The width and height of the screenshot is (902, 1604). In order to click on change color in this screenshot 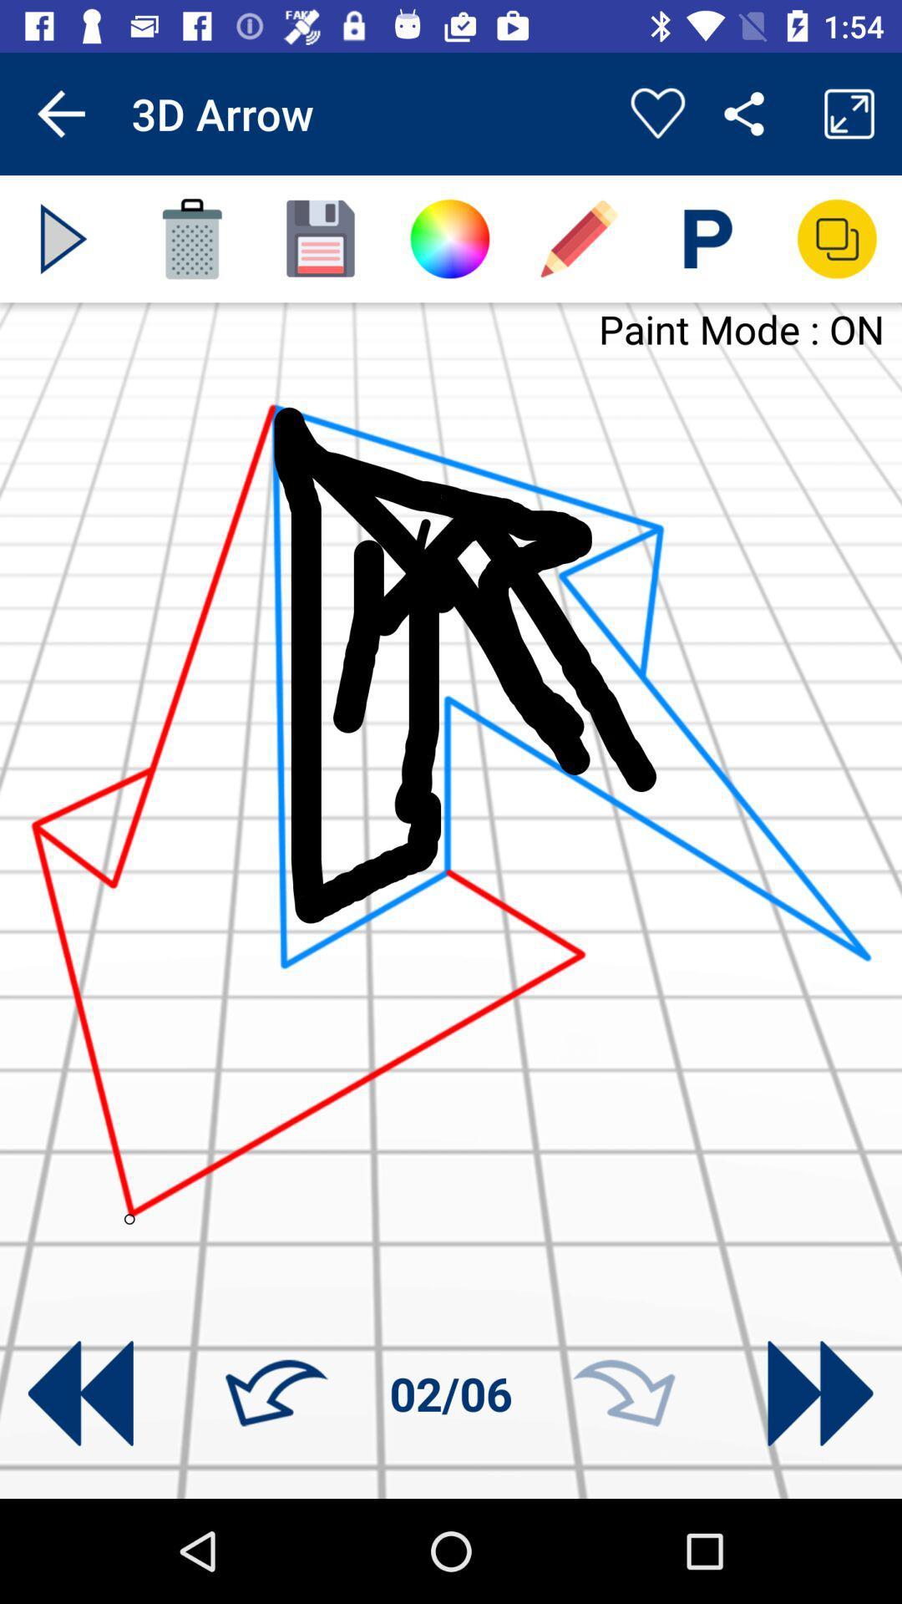, I will do `click(448, 238)`.